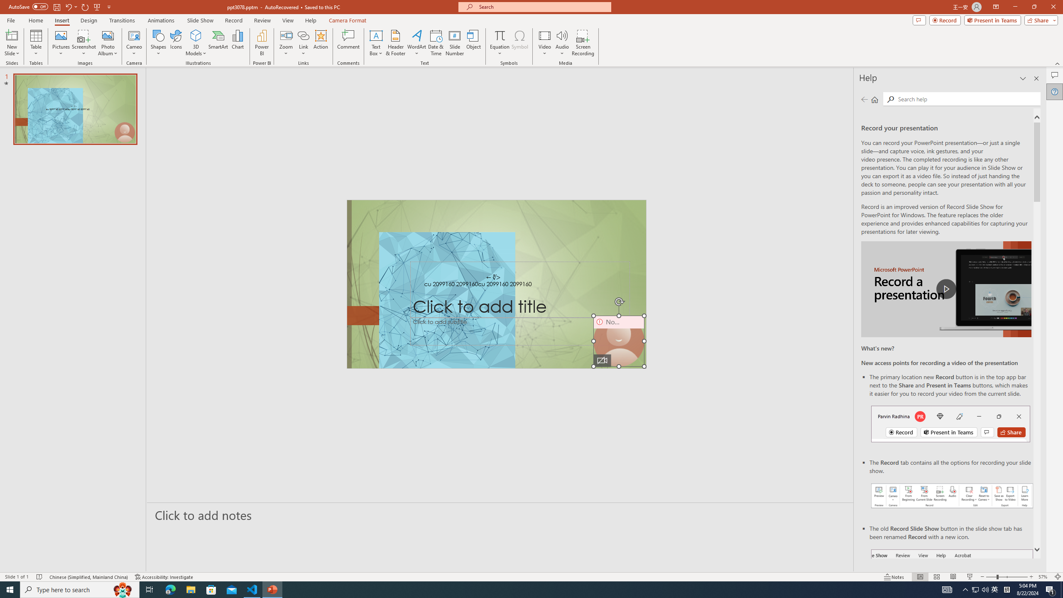  Describe the element at coordinates (454, 43) in the screenshot. I see `'Slide Number'` at that location.